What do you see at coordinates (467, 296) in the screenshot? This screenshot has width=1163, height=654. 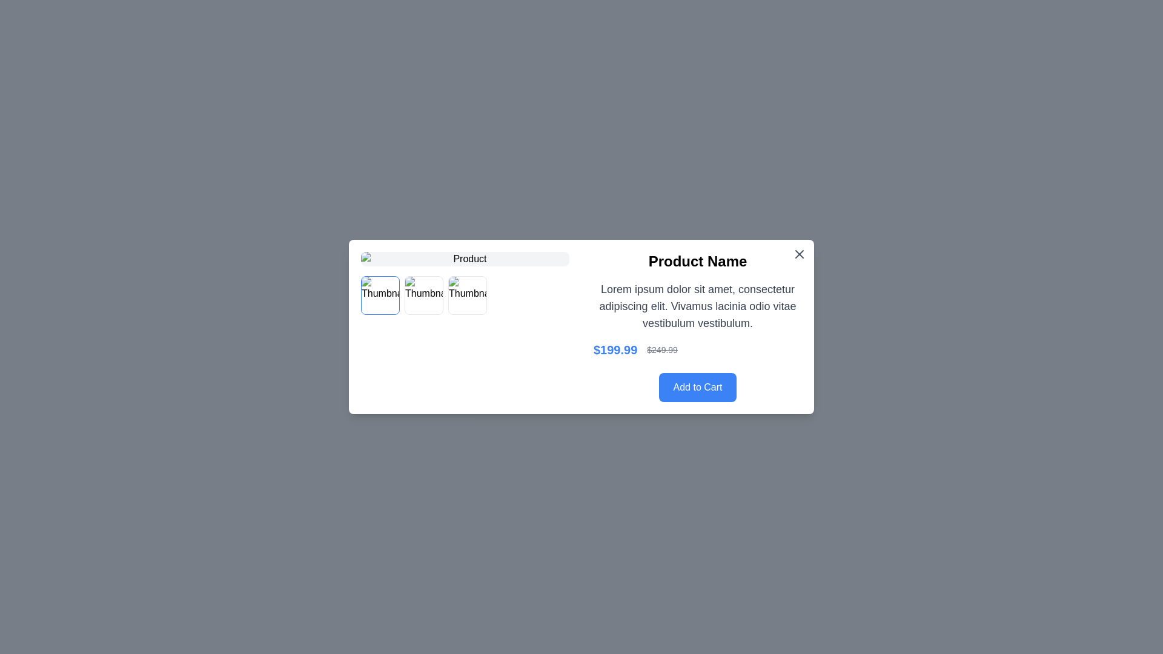 I see `the square thumbnail image with a rounded border displaying '/img/product3.jpg' located below the 'Product' section` at bounding box center [467, 296].